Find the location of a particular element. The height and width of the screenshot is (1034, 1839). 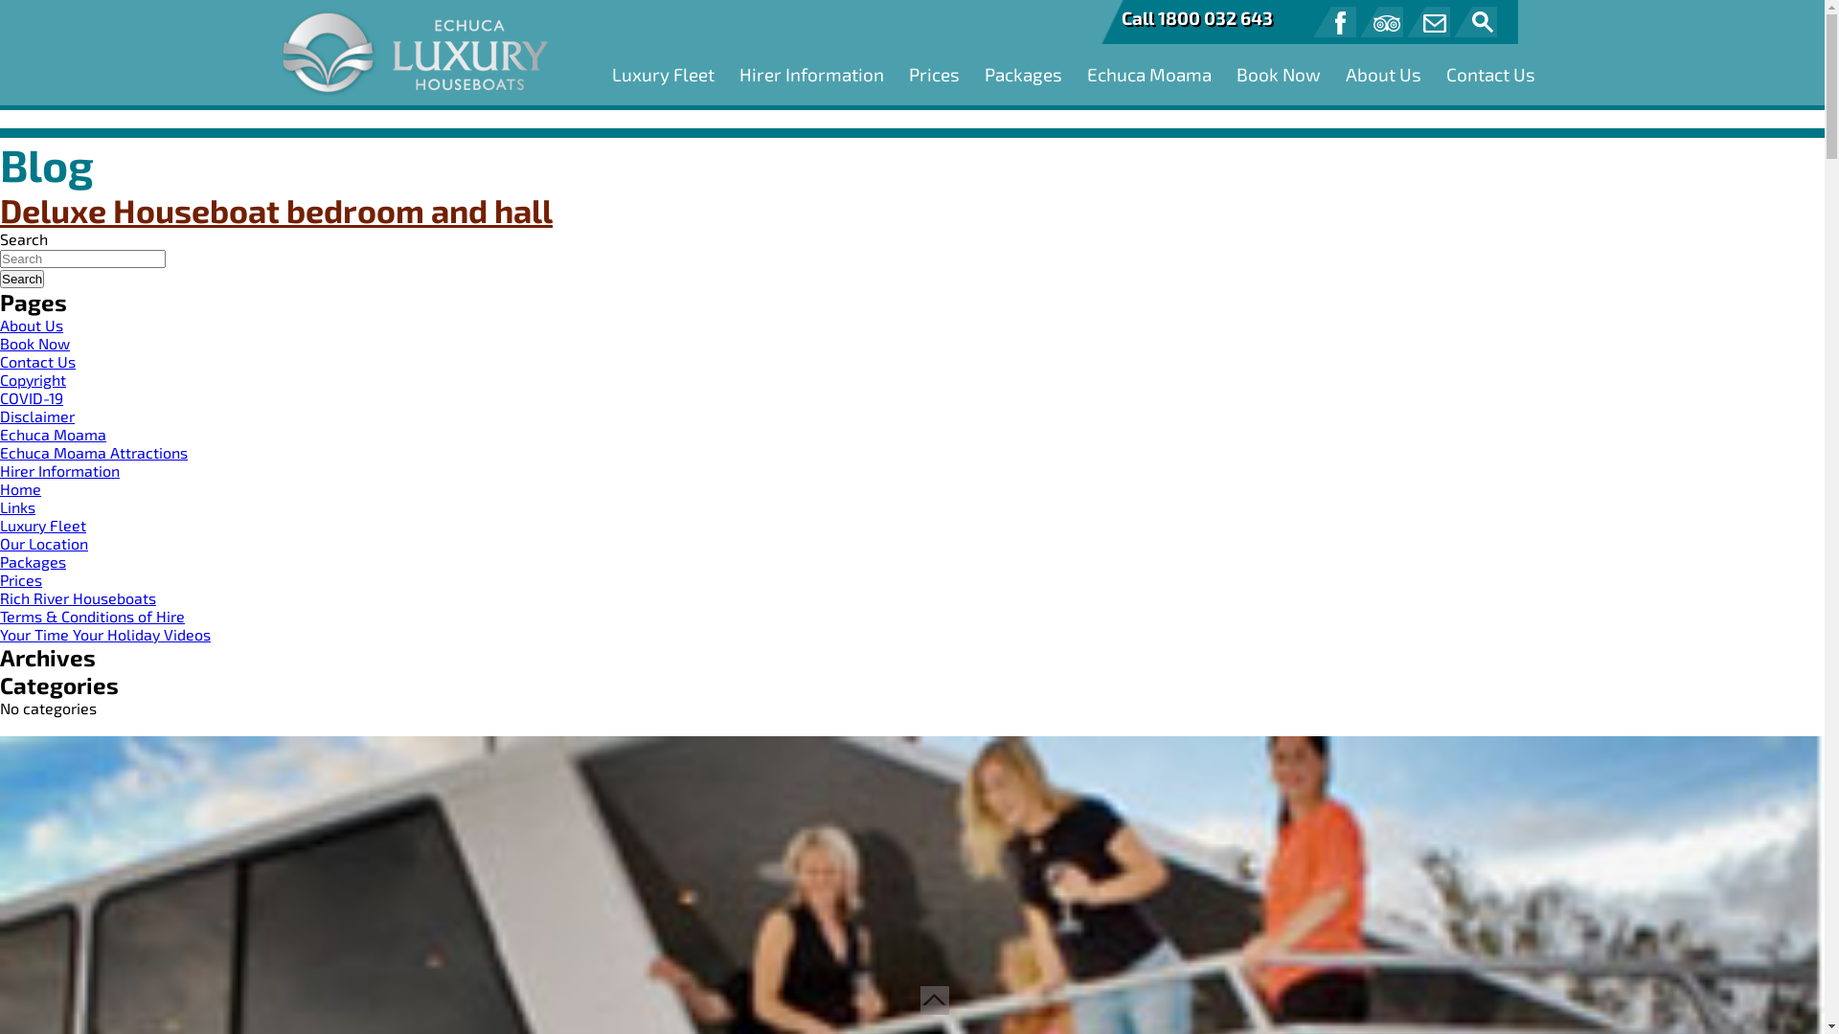

'Home' is located at coordinates (20, 487).